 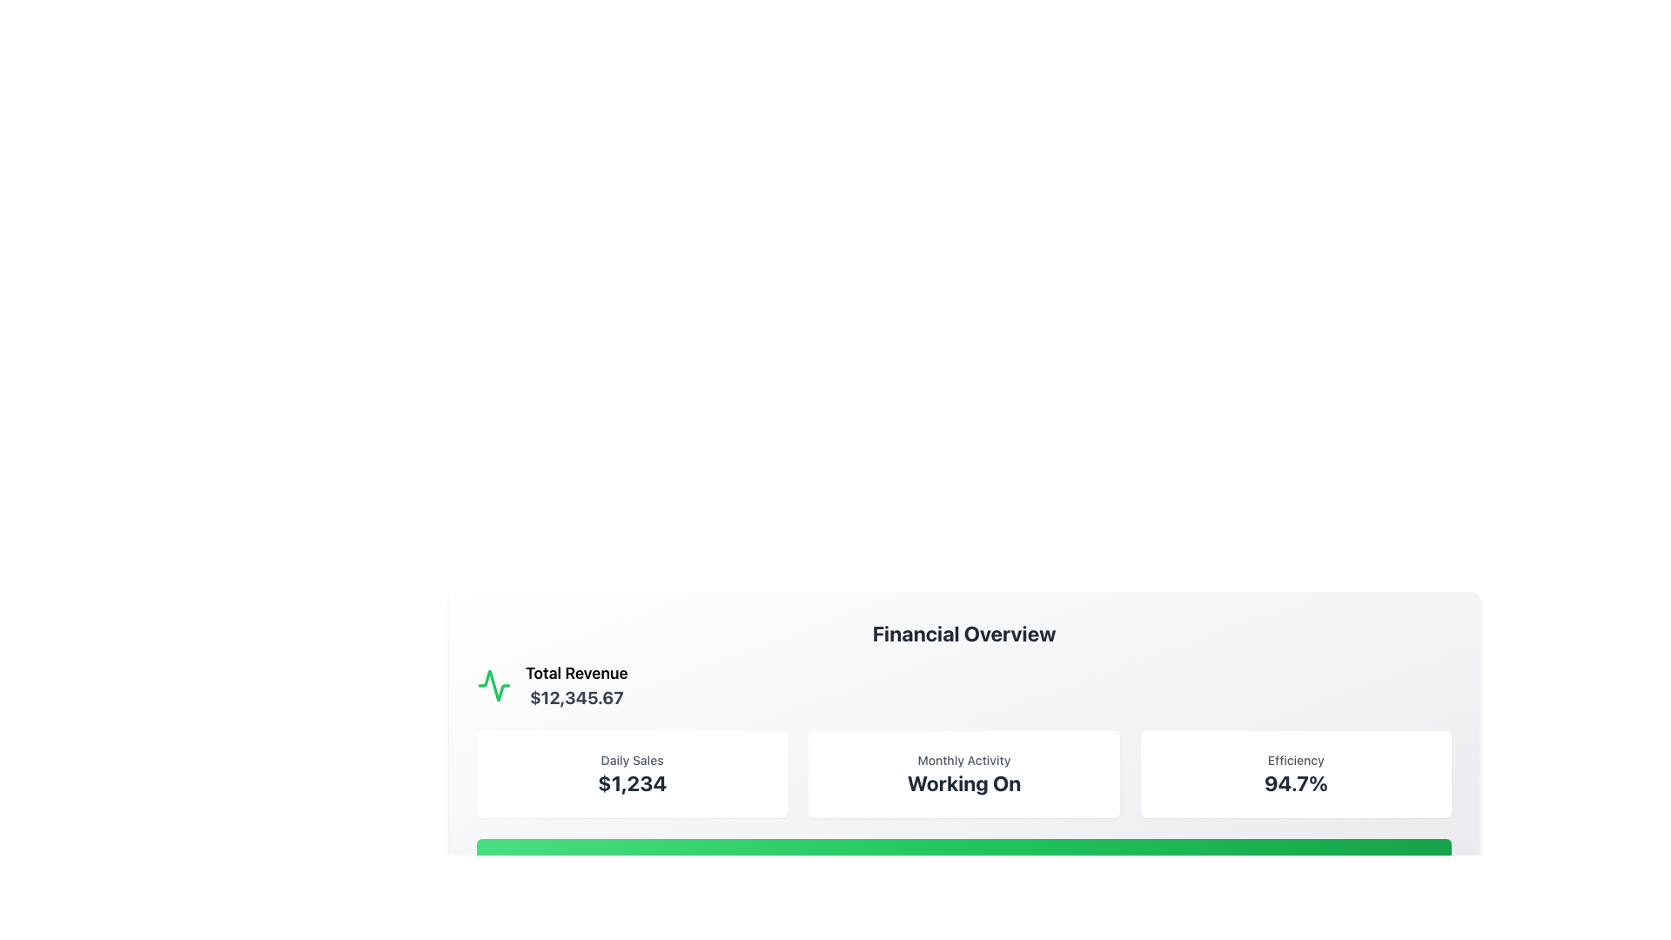 I want to click on the text element displaying '94.7%' in bold, large dark gray font, which is located below the 'Efficiency' label in the card of the 'Financial Overview' panel, so click(x=1296, y=782).